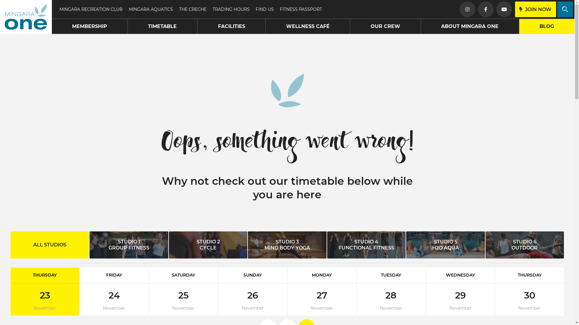 Image resolution: width=579 pixels, height=325 pixels. I want to click on 'TUESDAY, so click(391, 291).